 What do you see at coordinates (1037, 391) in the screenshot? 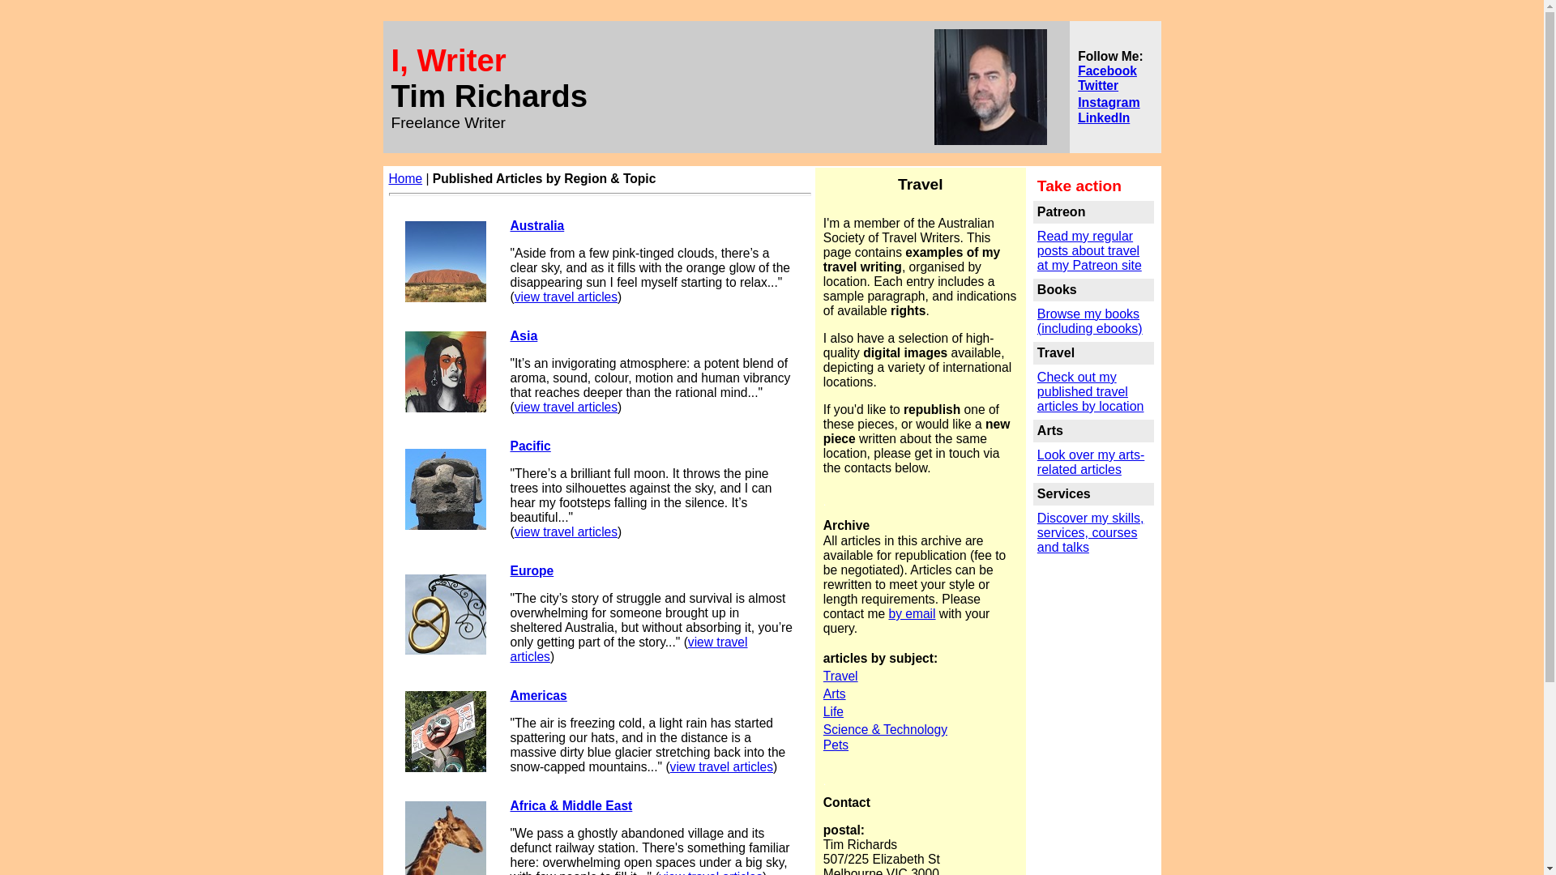
I see `'Check out my published travel articles by location'` at bounding box center [1037, 391].